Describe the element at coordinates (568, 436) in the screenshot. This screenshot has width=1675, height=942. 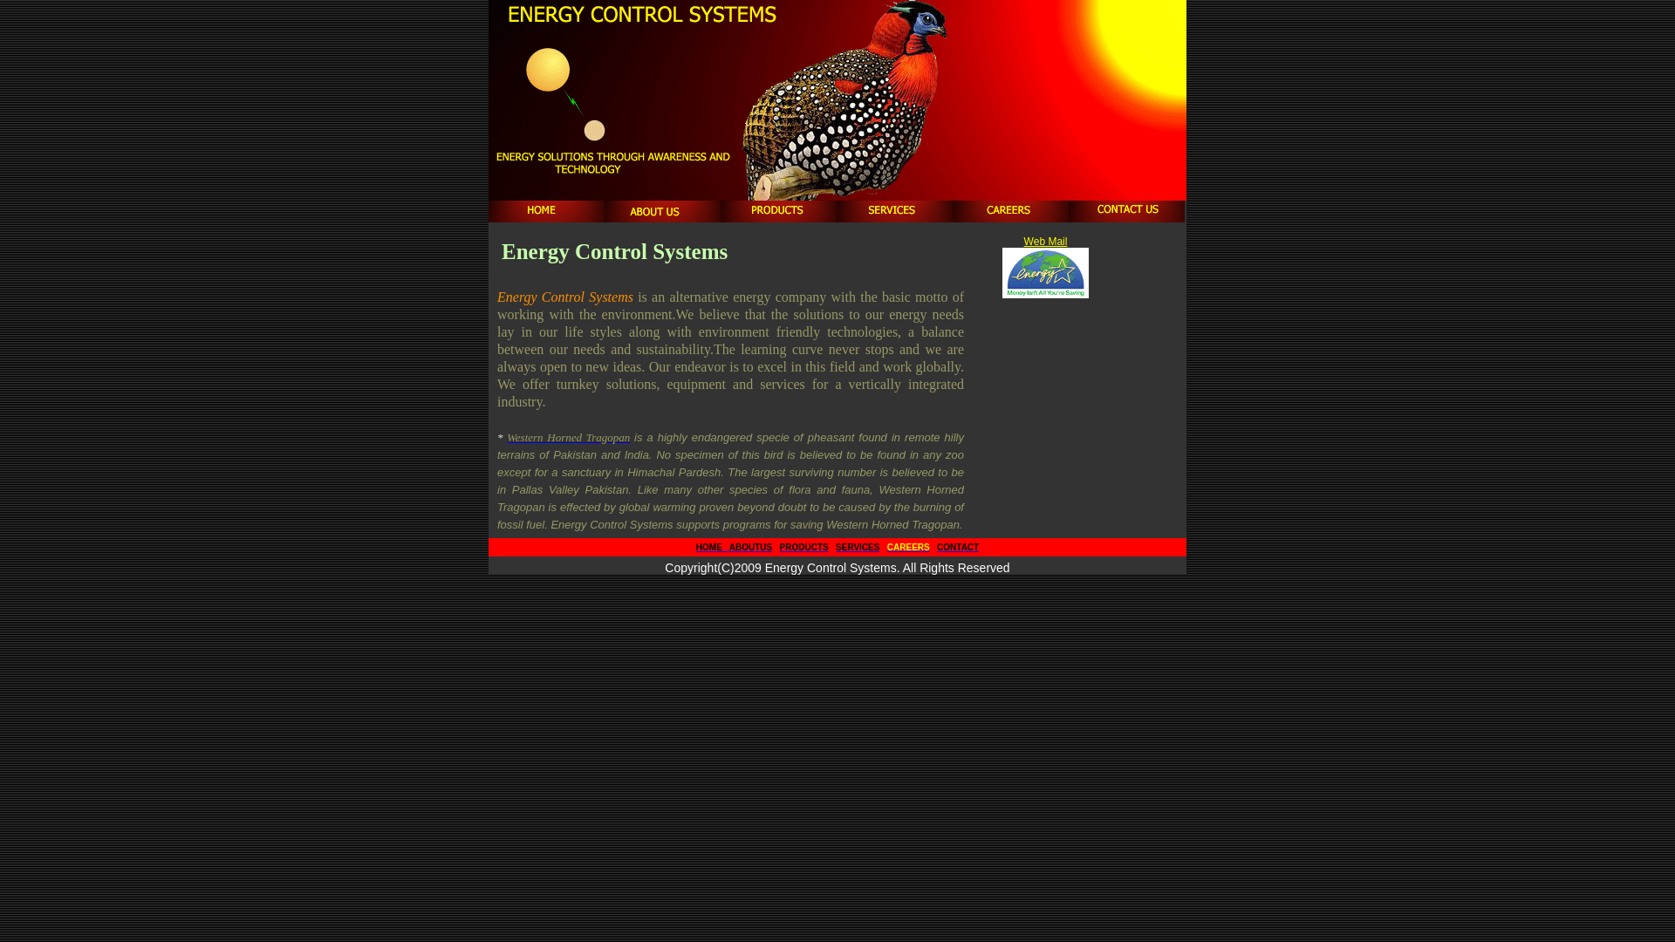
I see `'Western Horned Tragopan'` at that location.